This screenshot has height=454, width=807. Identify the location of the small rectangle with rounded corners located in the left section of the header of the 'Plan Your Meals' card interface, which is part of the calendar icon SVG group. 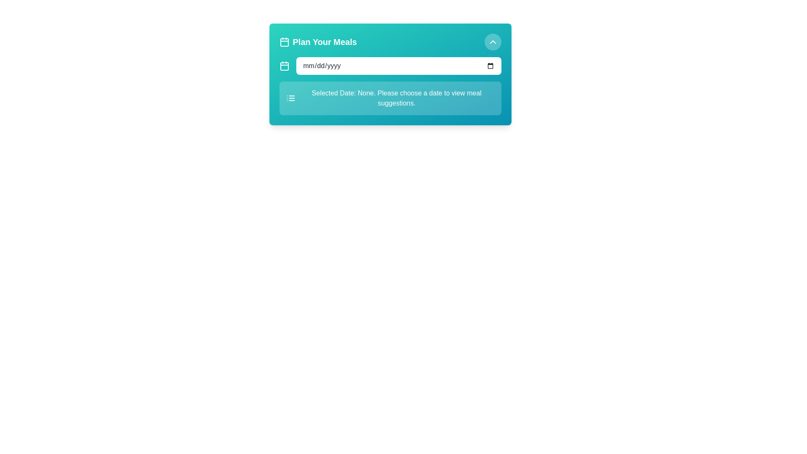
(284, 42).